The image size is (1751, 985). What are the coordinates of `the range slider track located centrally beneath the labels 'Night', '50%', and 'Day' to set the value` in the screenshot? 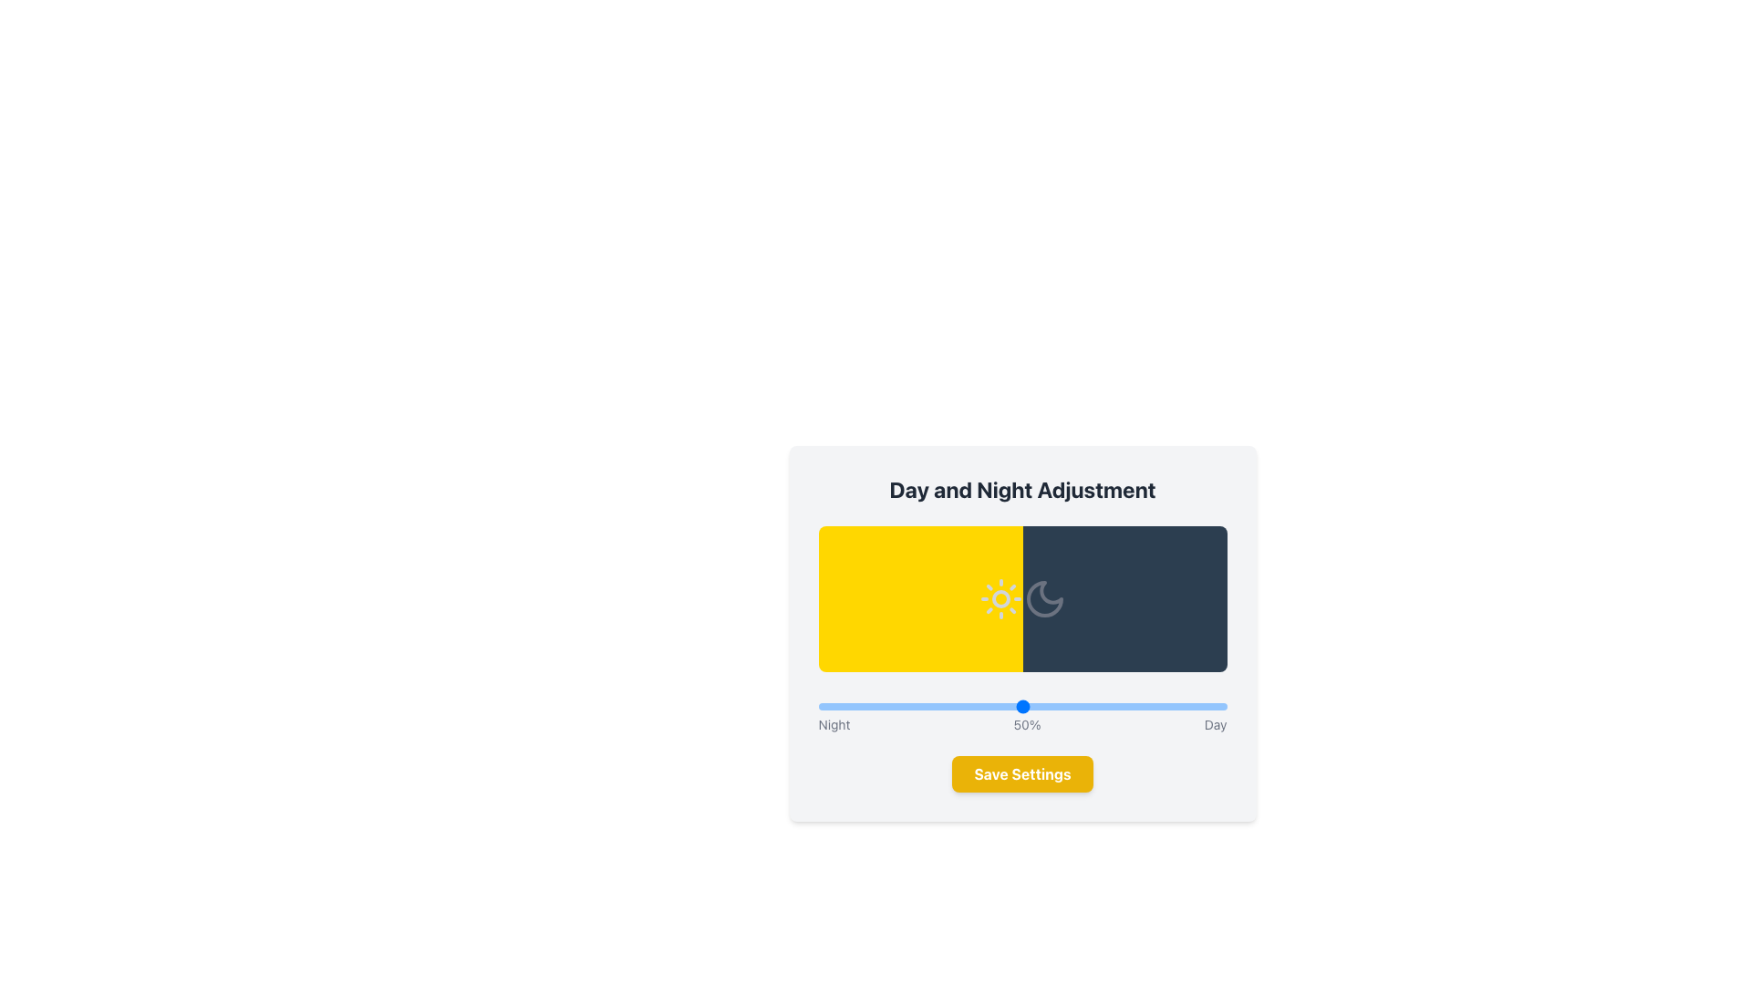 It's located at (1022, 706).